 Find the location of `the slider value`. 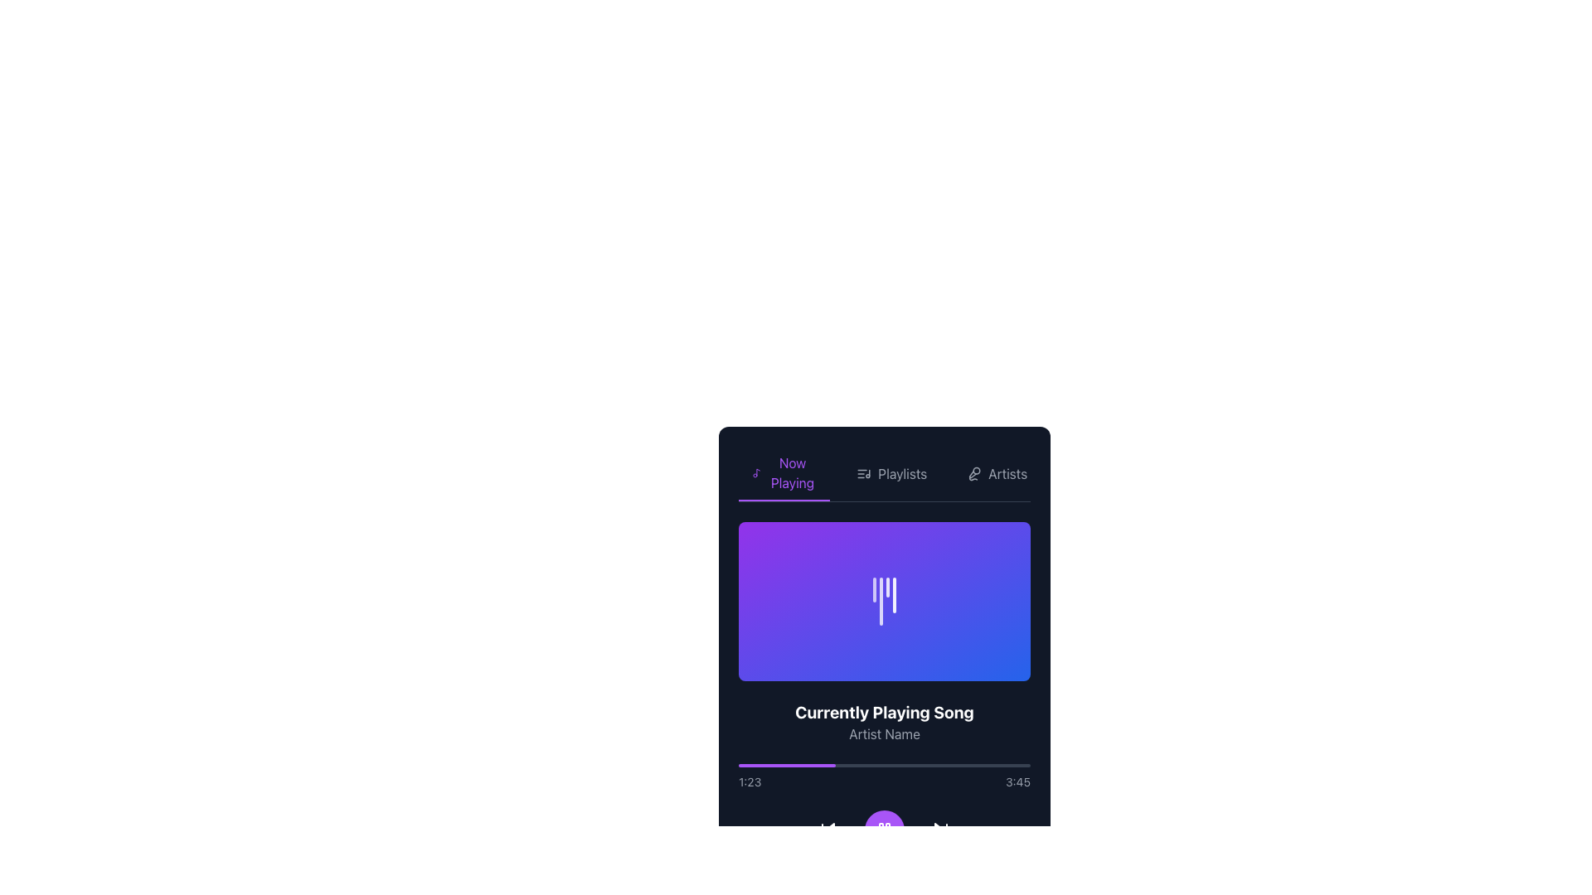

the slider value is located at coordinates (833, 878).